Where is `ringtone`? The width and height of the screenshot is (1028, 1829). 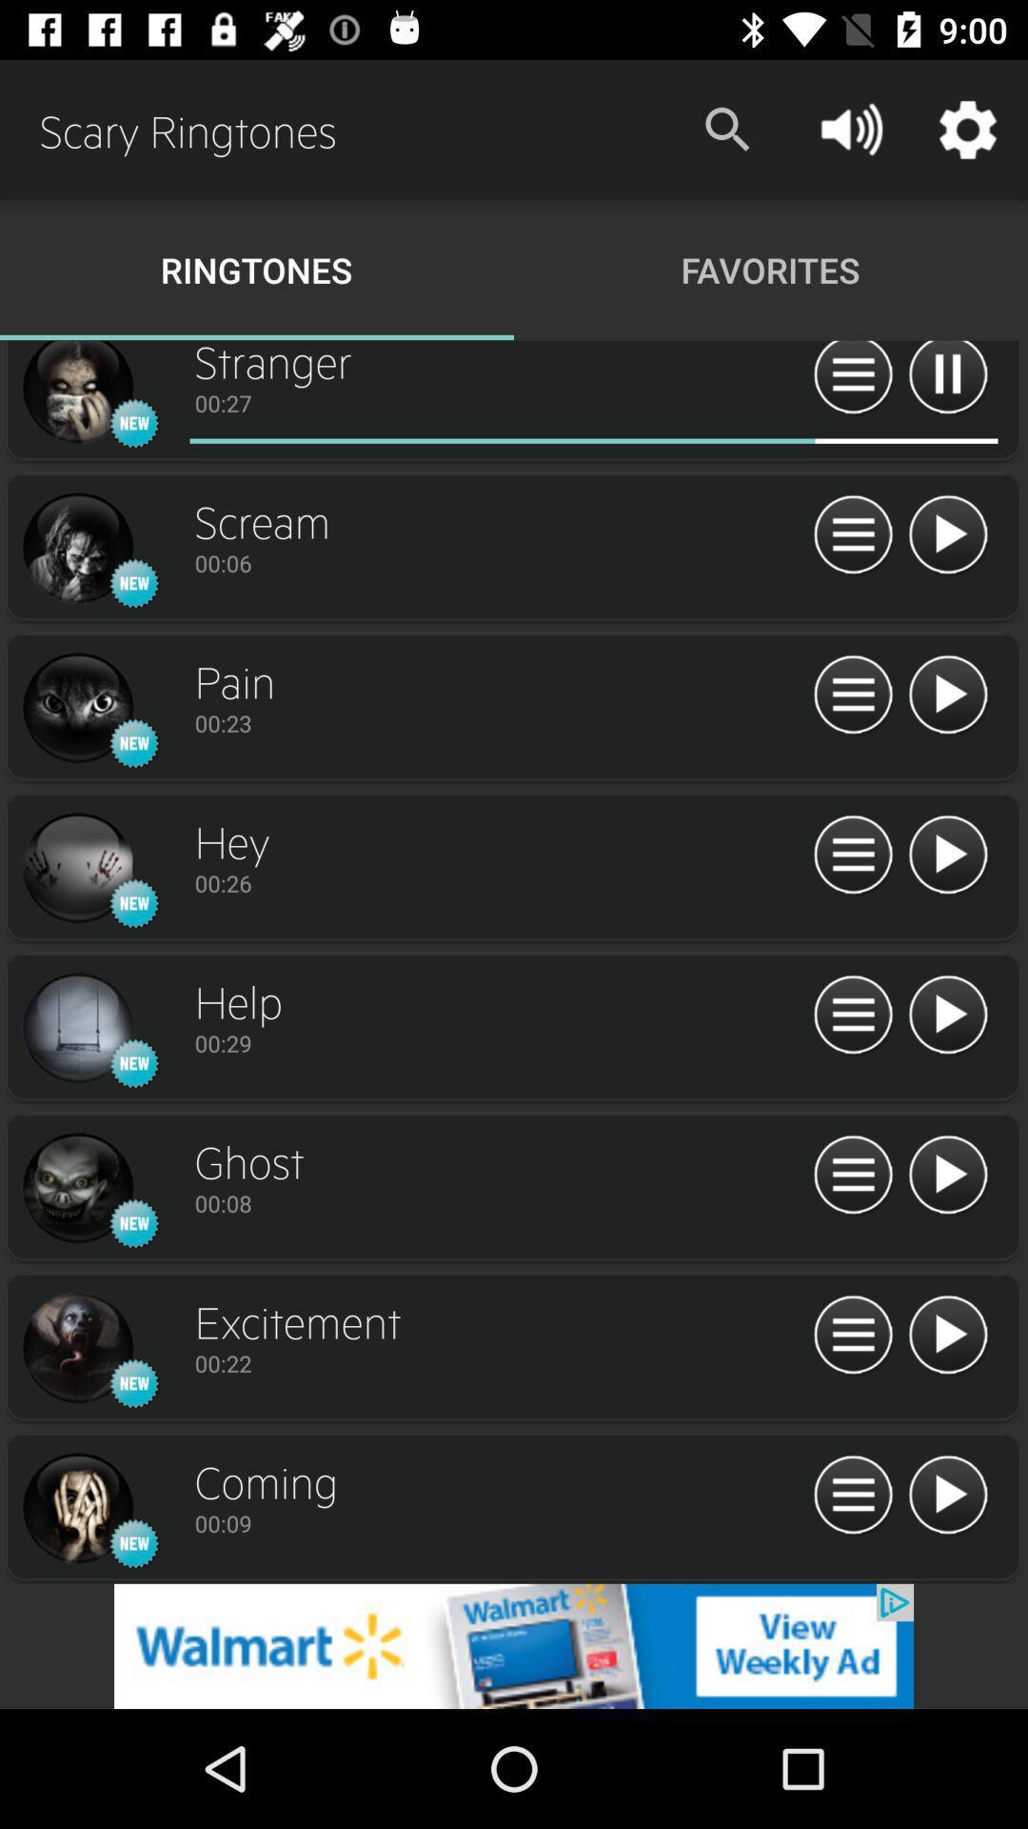
ringtone is located at coordinates (947, 534).